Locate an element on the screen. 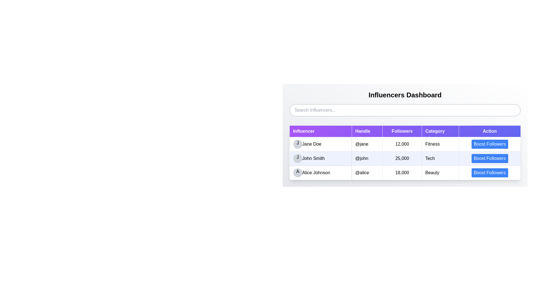  the button in the 'Action' column of the second row, which is aligned with the influencer 'John Smith' is located at coordinates (489, 158).